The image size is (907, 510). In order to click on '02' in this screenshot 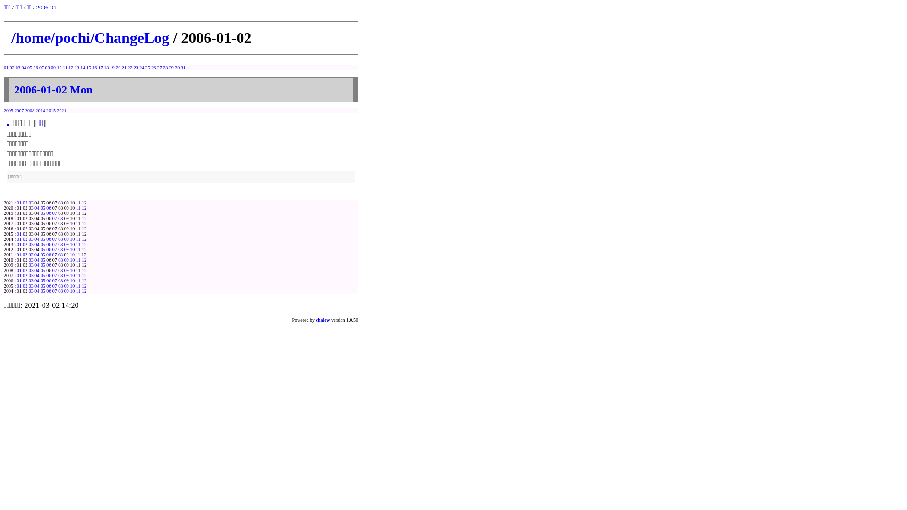, I will do `click(25, 202)`.